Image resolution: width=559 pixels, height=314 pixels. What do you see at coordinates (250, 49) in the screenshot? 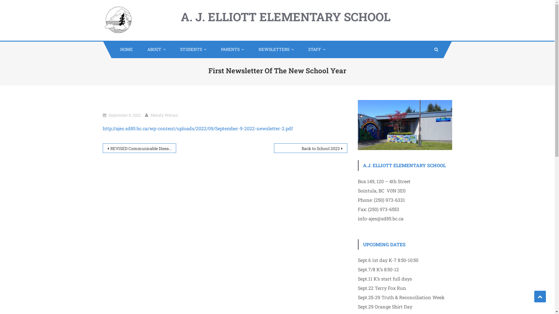
I see `'NEWSLETTERS'` at bounding box center [250, 49].